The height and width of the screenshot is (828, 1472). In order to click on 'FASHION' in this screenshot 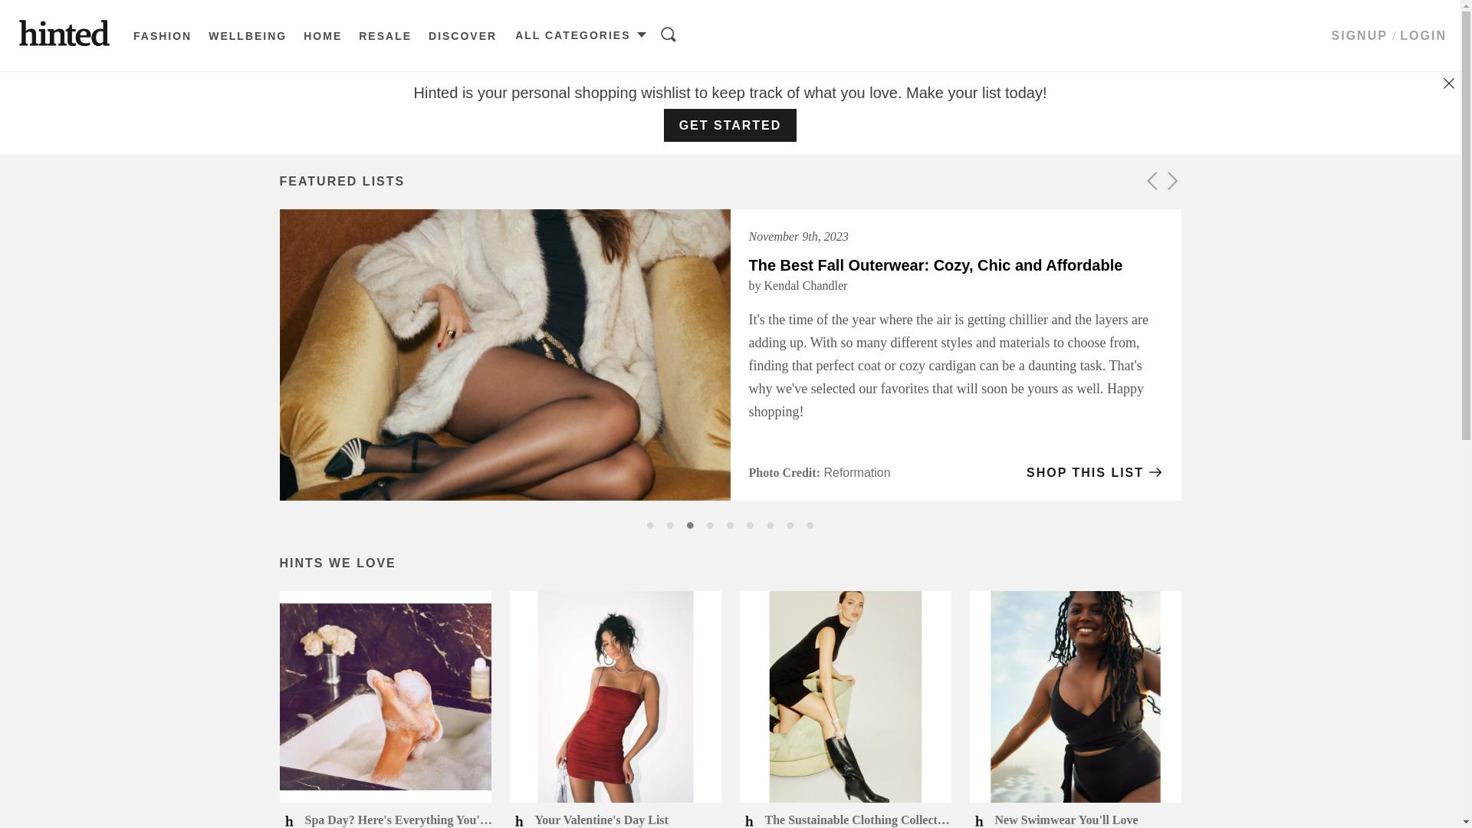, I will do `click(162, 35)`.